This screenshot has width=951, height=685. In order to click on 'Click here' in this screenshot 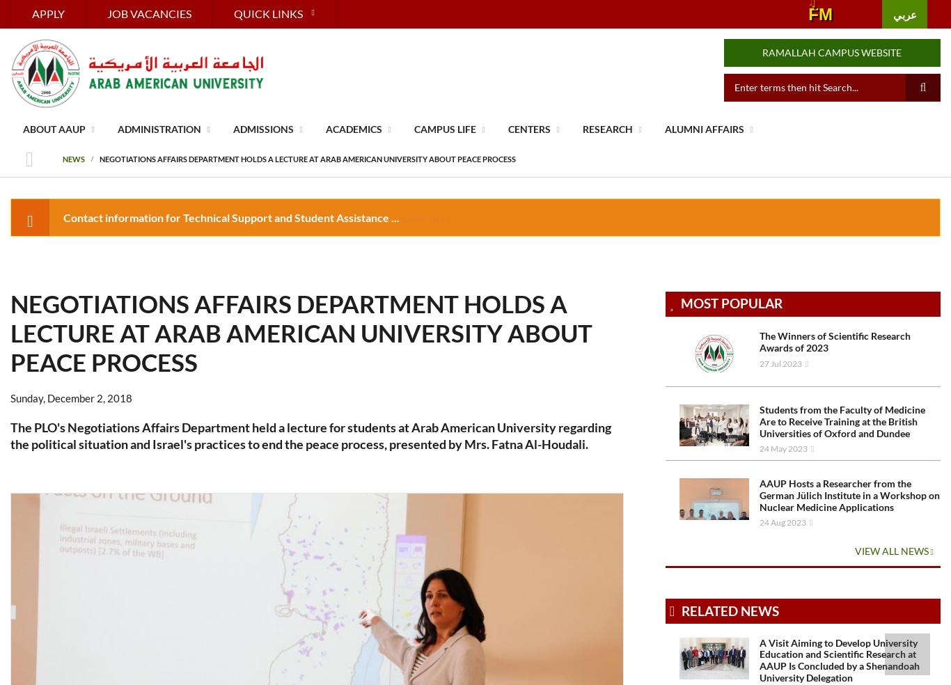, I will do `click(426, 216)`.